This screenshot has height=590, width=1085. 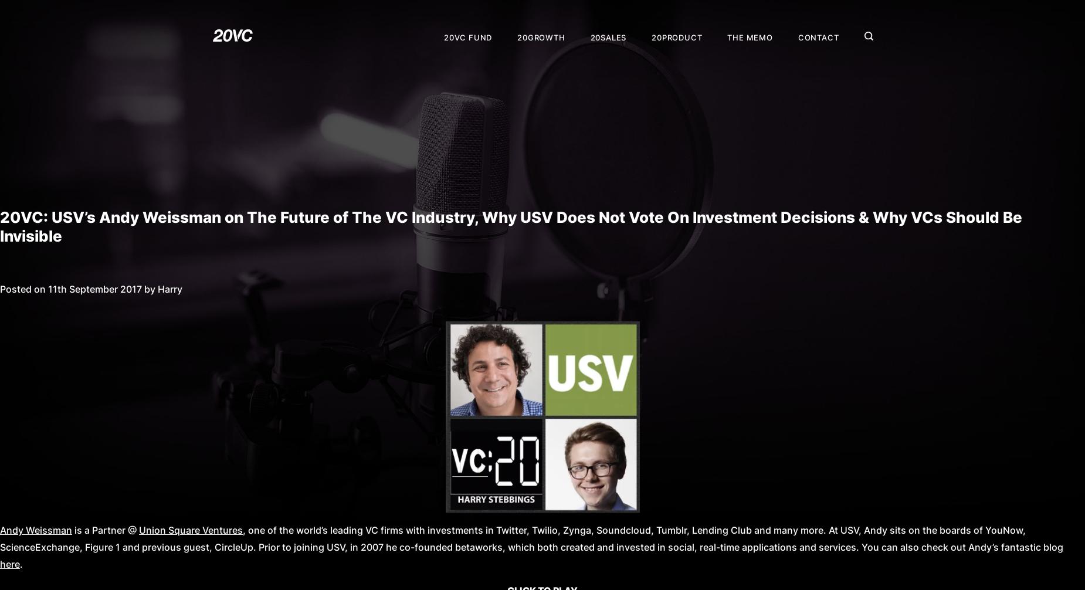 I want to click on 'Posted on 11th September 2017 by Harry', so click(x=0, y=289).